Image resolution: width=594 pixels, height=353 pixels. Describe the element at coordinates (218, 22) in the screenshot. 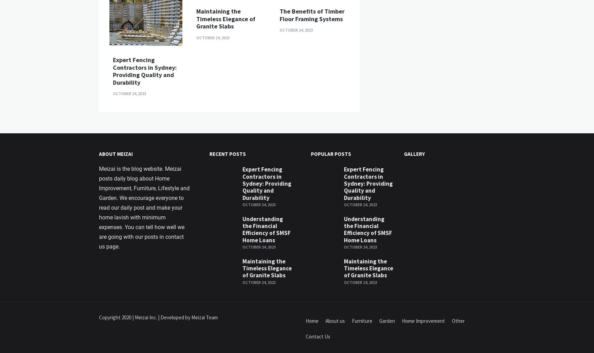

I see `'Easiest DIY Furniture to put together yourself for first home buyers'` at that location.